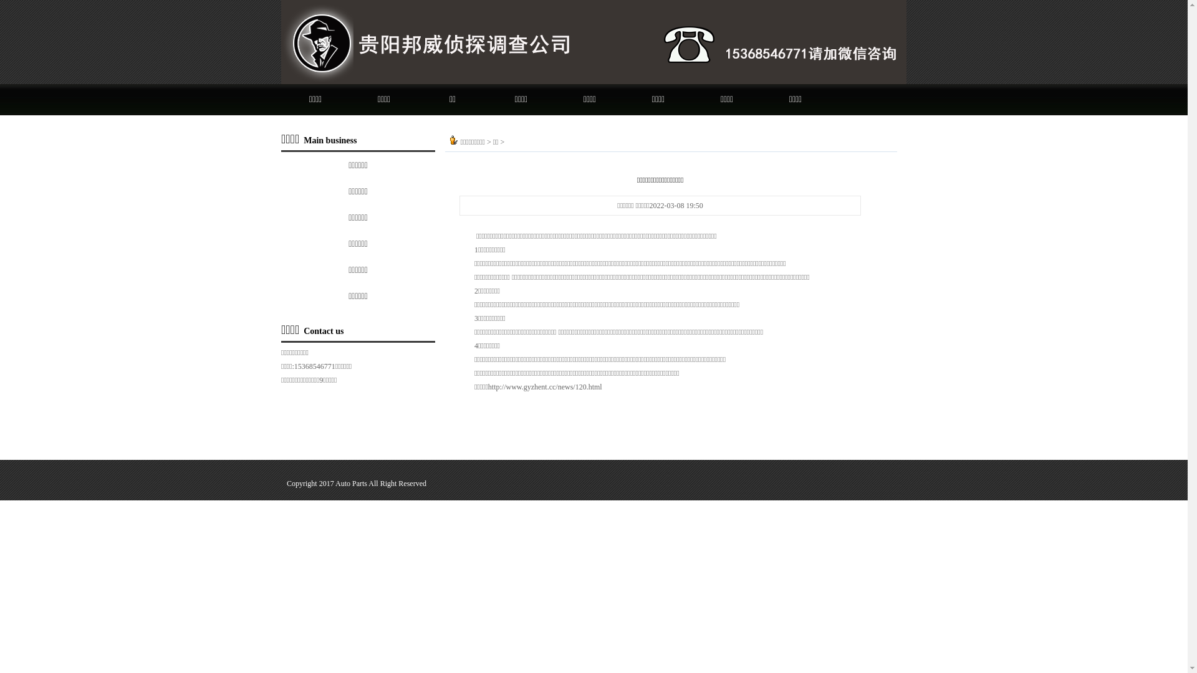 The height and width of the screenshot is (673, 1197). What do you see at coordinates (545, 386) in the screenshot?
I see `'http://www.gyzhent.cc/news/120.html'` at bounding box center [545, 386].